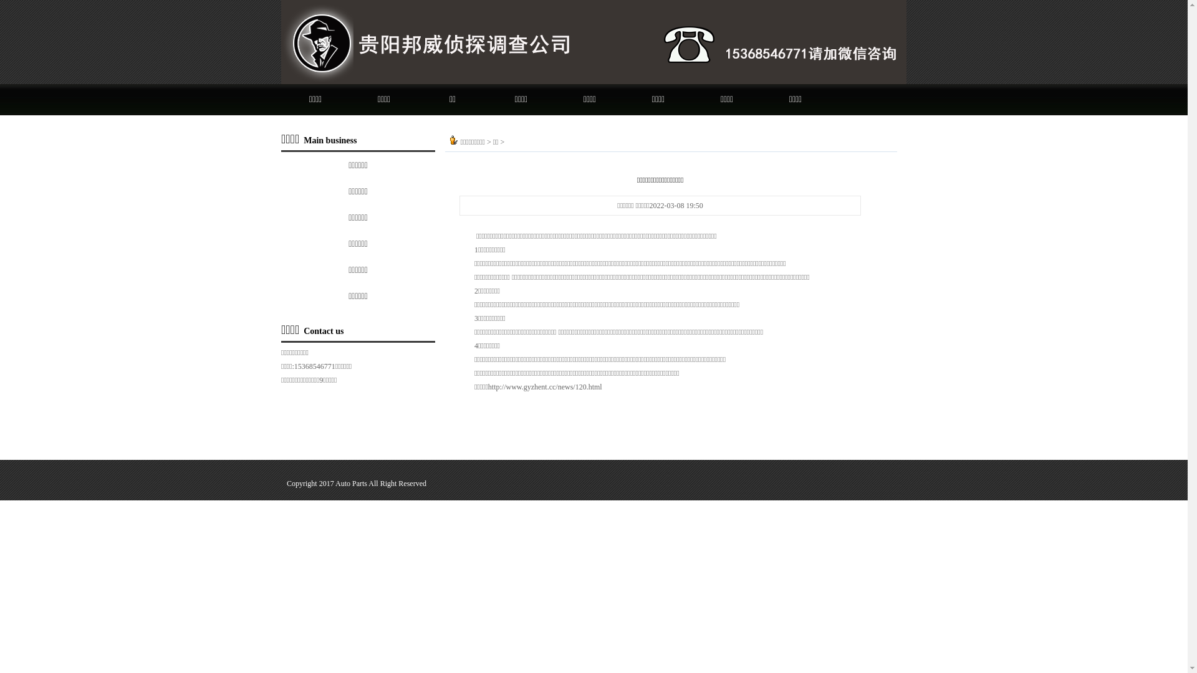 The height and width of the screenshot is (673, 1197). What do you see at coordinates (545, 386) in the screenshot?
I see `'http://www.gyzhent.cc/news/120.html'` at bounding box center [545, 386].